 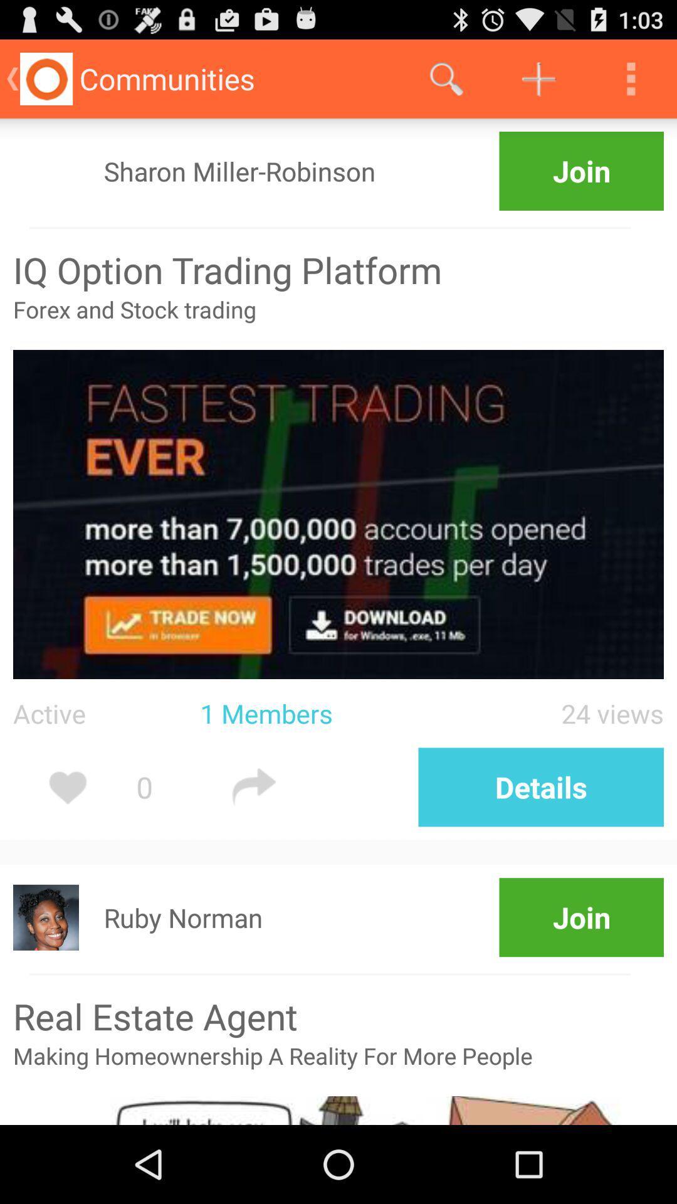 What do you see at coordinates (239, 171) in the screenshot?
I see `icon to the left of join icon` at bounding box center [239, 171].